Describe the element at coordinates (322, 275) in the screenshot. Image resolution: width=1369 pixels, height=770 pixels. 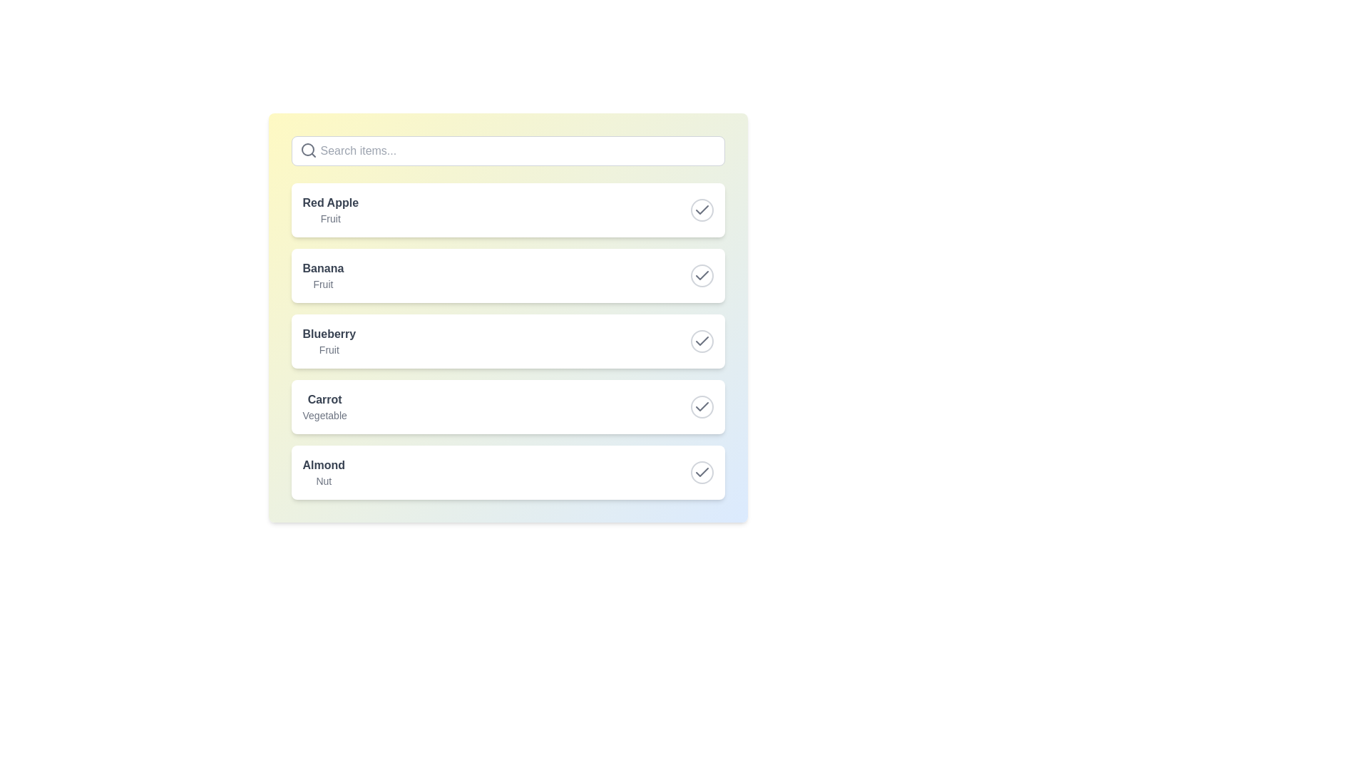
I see `the text label displaying 'Banana' in bold, dark font, which is located in the second row of a vertically stacked list, positioned below 'Red Apple' and above 'Blueberry'` at that location.